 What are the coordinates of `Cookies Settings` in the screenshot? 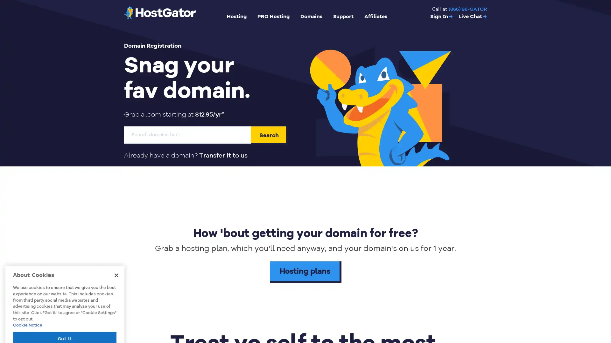 It's located at (65, 318).